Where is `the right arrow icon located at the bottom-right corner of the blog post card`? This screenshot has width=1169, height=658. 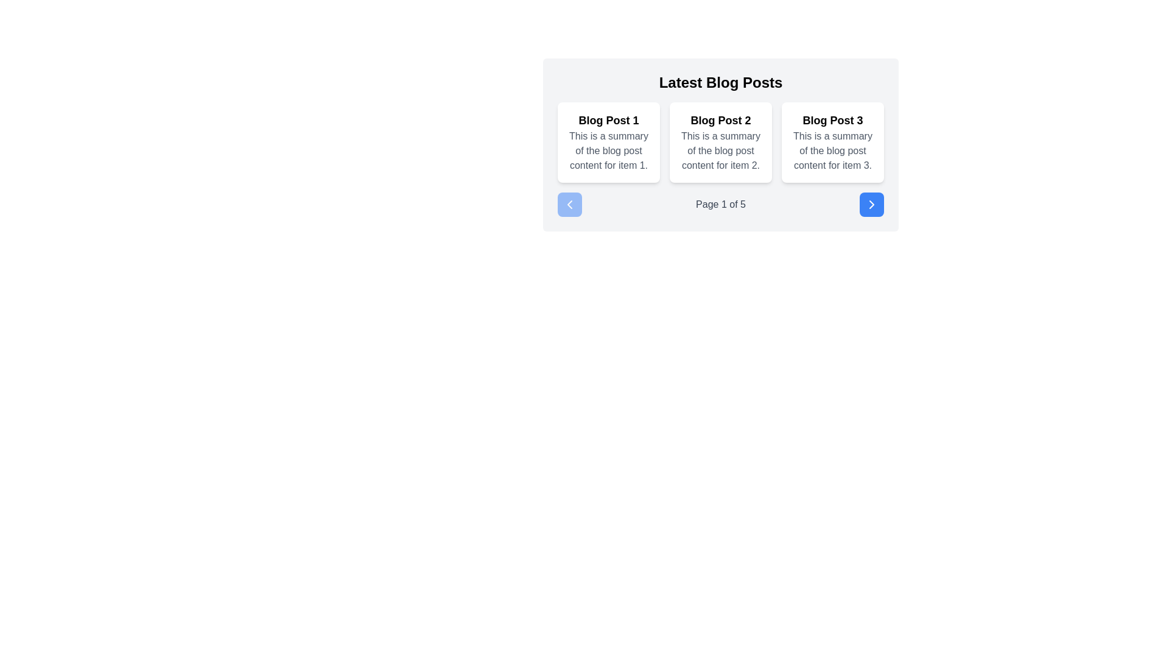
the right arrow icon located at the bottom-right corner of the blog post card is located at coordinates (871, 203).